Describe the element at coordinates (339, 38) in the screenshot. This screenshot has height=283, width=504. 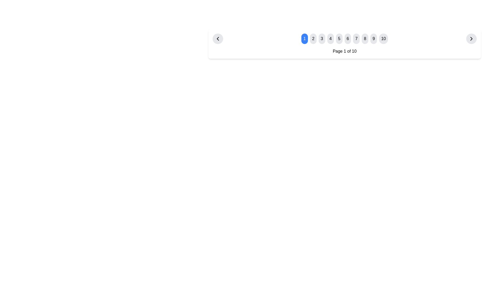
I see `the fifth numbered button in the horizontal pagination bar` at that location.